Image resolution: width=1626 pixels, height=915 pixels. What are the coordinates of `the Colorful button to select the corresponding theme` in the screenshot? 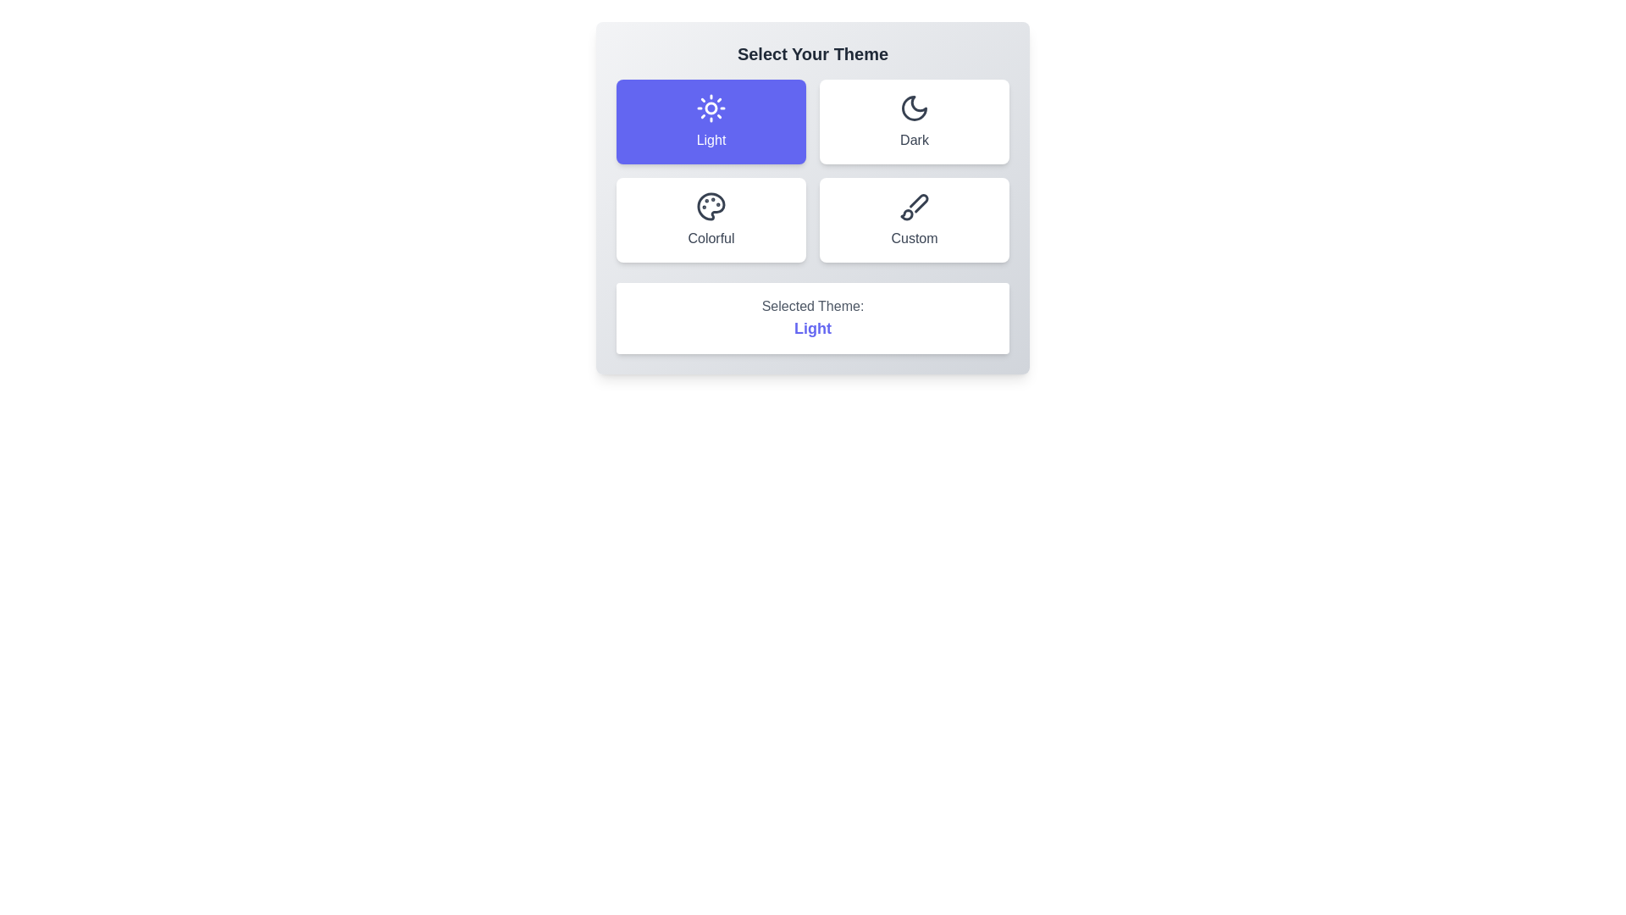 It's located at (711, 219).